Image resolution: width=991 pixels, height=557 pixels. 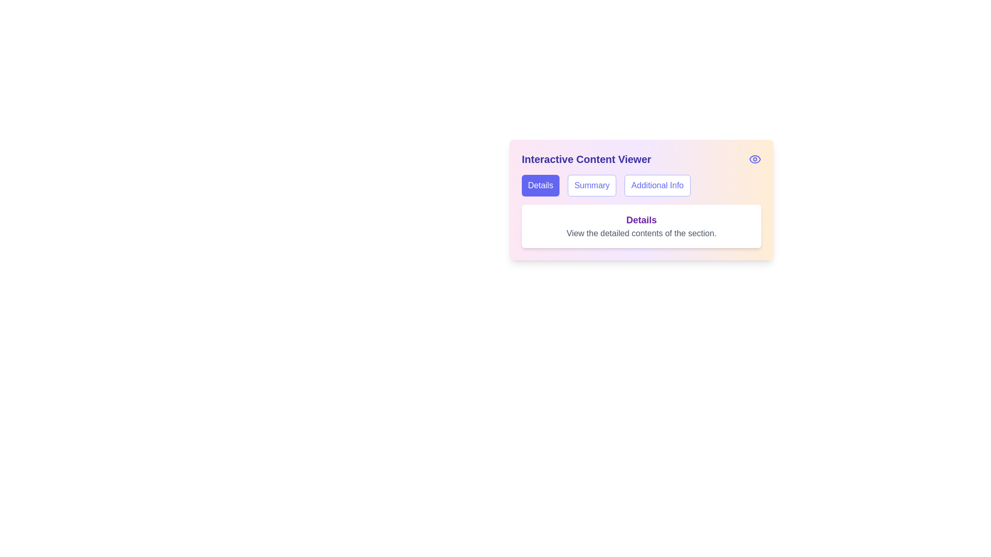 What do you see at coordinates (586, 159) in the screenshot?
I see `the text label that reads 'Interactive Content Viewer', styled with a bold, large font size and dark blue color, positioned at the top of the panel containing interactive options` at bounding box center [586, 159].